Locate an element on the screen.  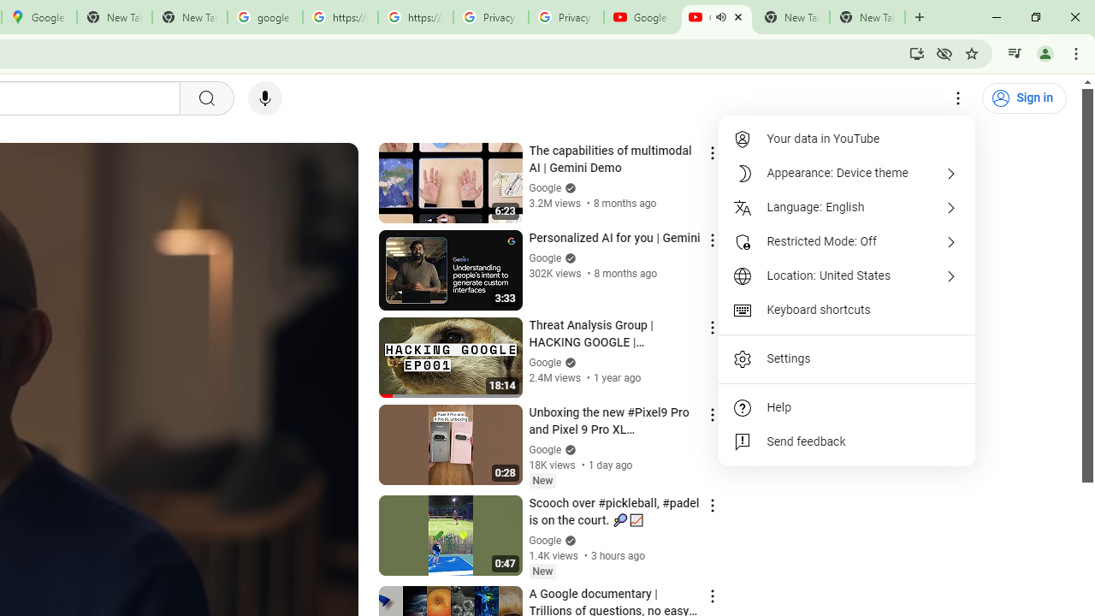
'Action menu' is located at coordinates (712, 595).